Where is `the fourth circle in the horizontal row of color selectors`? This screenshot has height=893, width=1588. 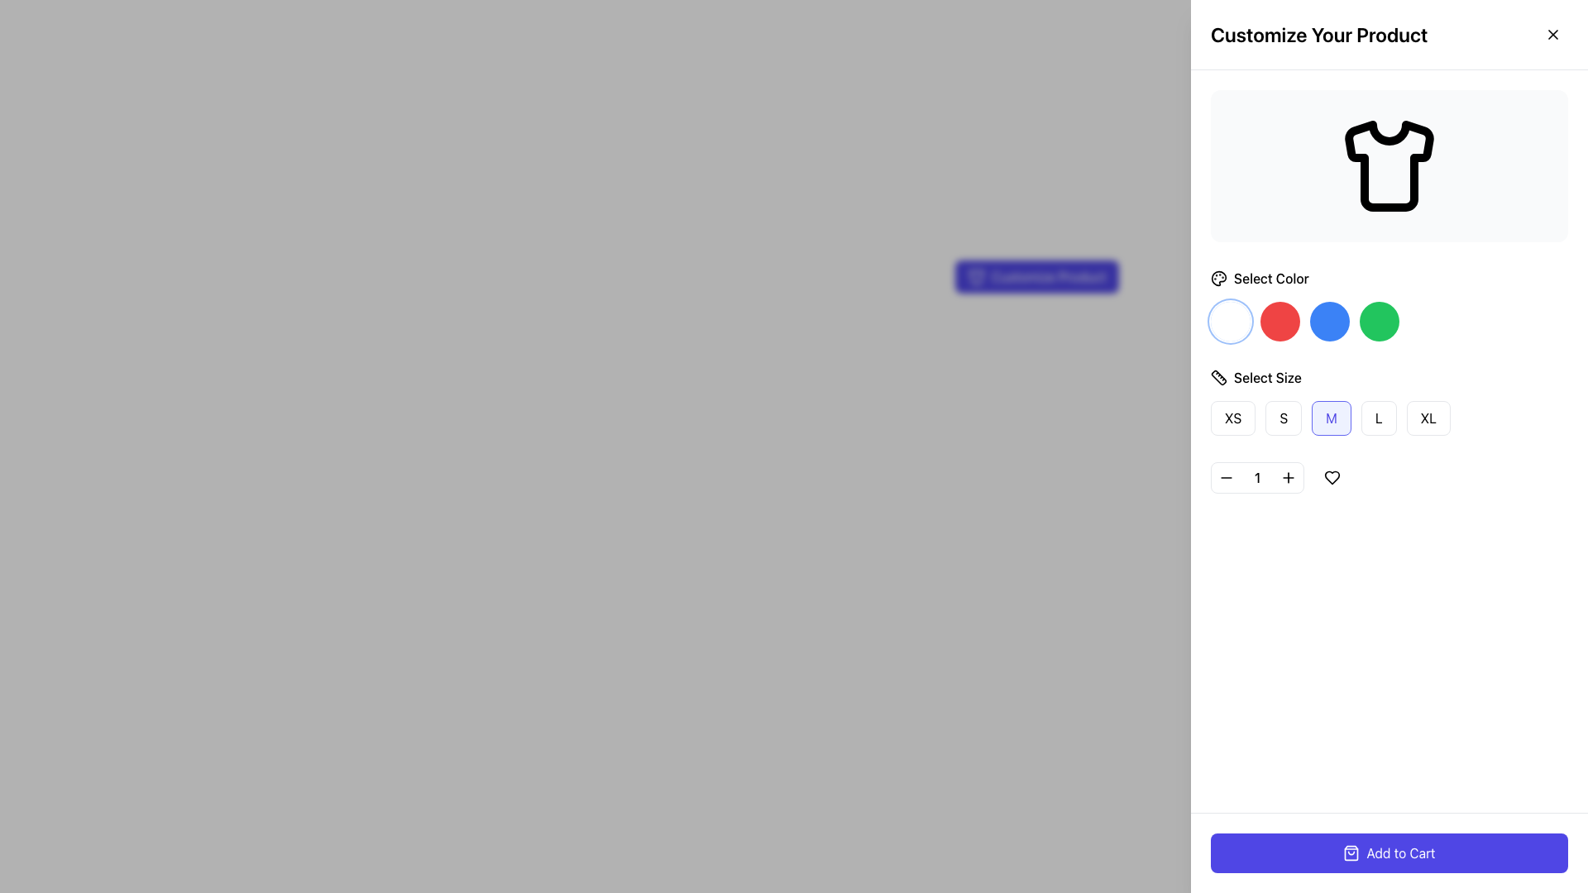
the fourth circle in the horizontal row of color selectors is located at coordinates (1389, 305).